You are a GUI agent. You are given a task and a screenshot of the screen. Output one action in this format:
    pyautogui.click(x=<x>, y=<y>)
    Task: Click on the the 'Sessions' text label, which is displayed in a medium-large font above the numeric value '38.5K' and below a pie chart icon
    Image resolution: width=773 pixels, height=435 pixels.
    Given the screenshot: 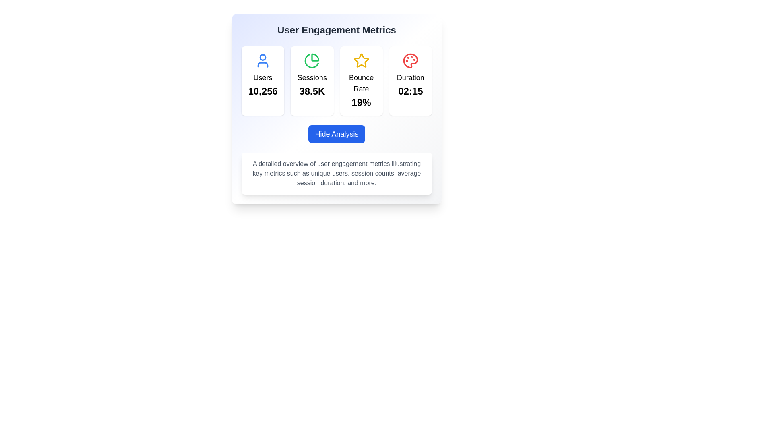 What is the action you would take?
    pyautogui.click(x=312, y=77)
    